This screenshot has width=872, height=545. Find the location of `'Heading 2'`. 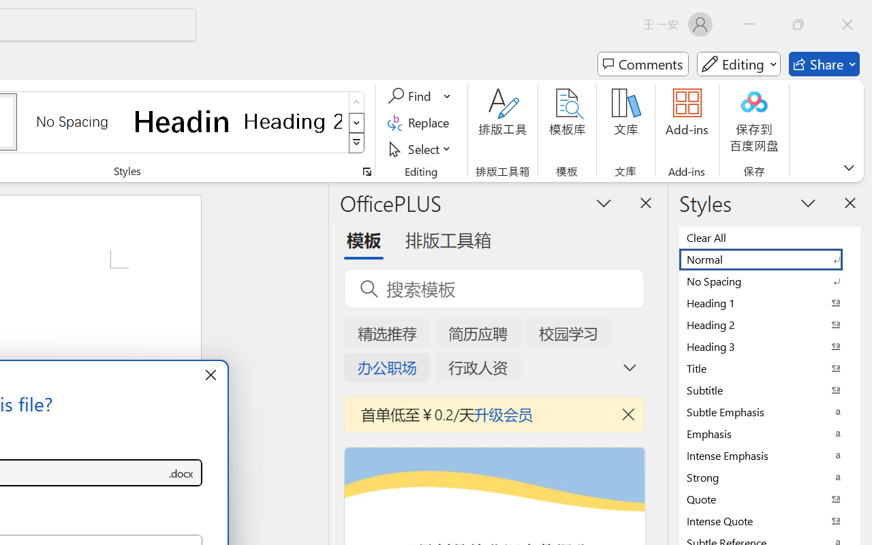

'Heading 2' is located at coordinates (292, 121).